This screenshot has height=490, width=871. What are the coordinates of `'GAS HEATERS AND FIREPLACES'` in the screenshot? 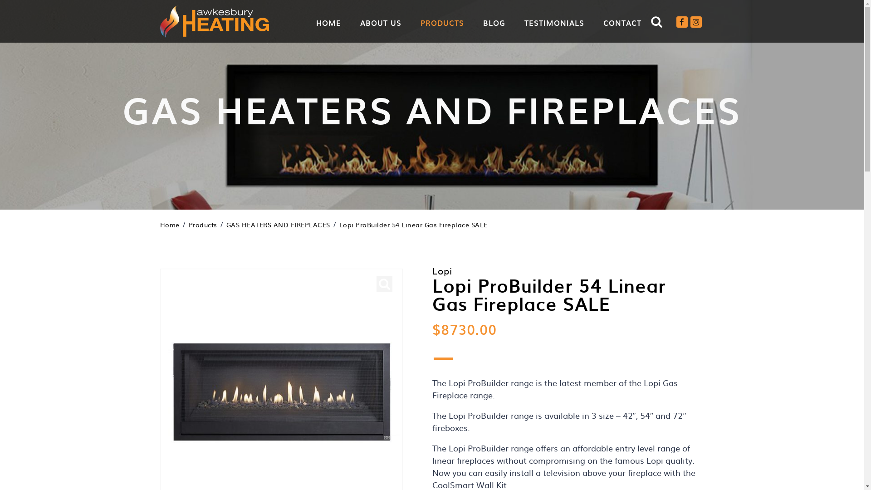 It's located at (277, 224).